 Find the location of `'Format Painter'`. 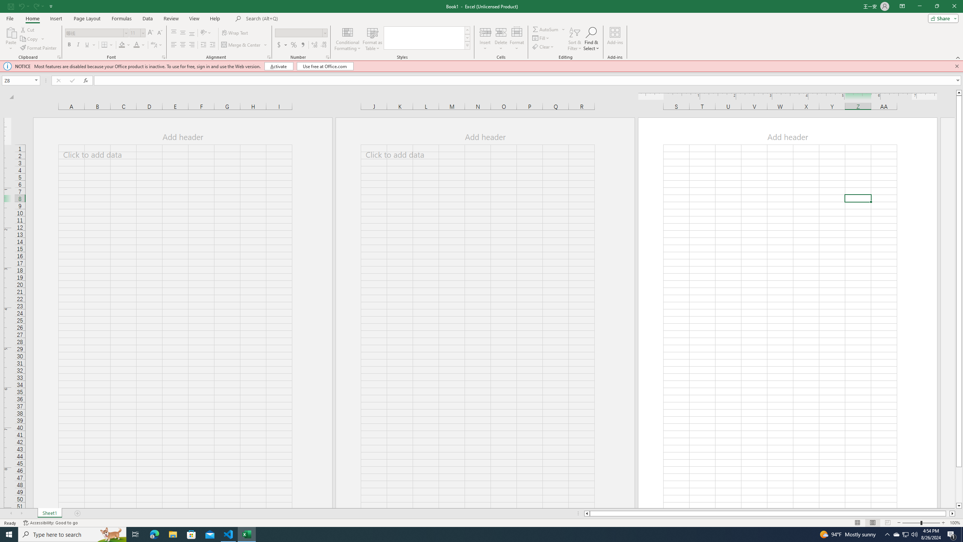

'Format Painter' is located at coordinates (38, 48).